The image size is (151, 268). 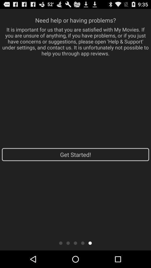 I want to click on the app at the center, so click(x=75, y=154).